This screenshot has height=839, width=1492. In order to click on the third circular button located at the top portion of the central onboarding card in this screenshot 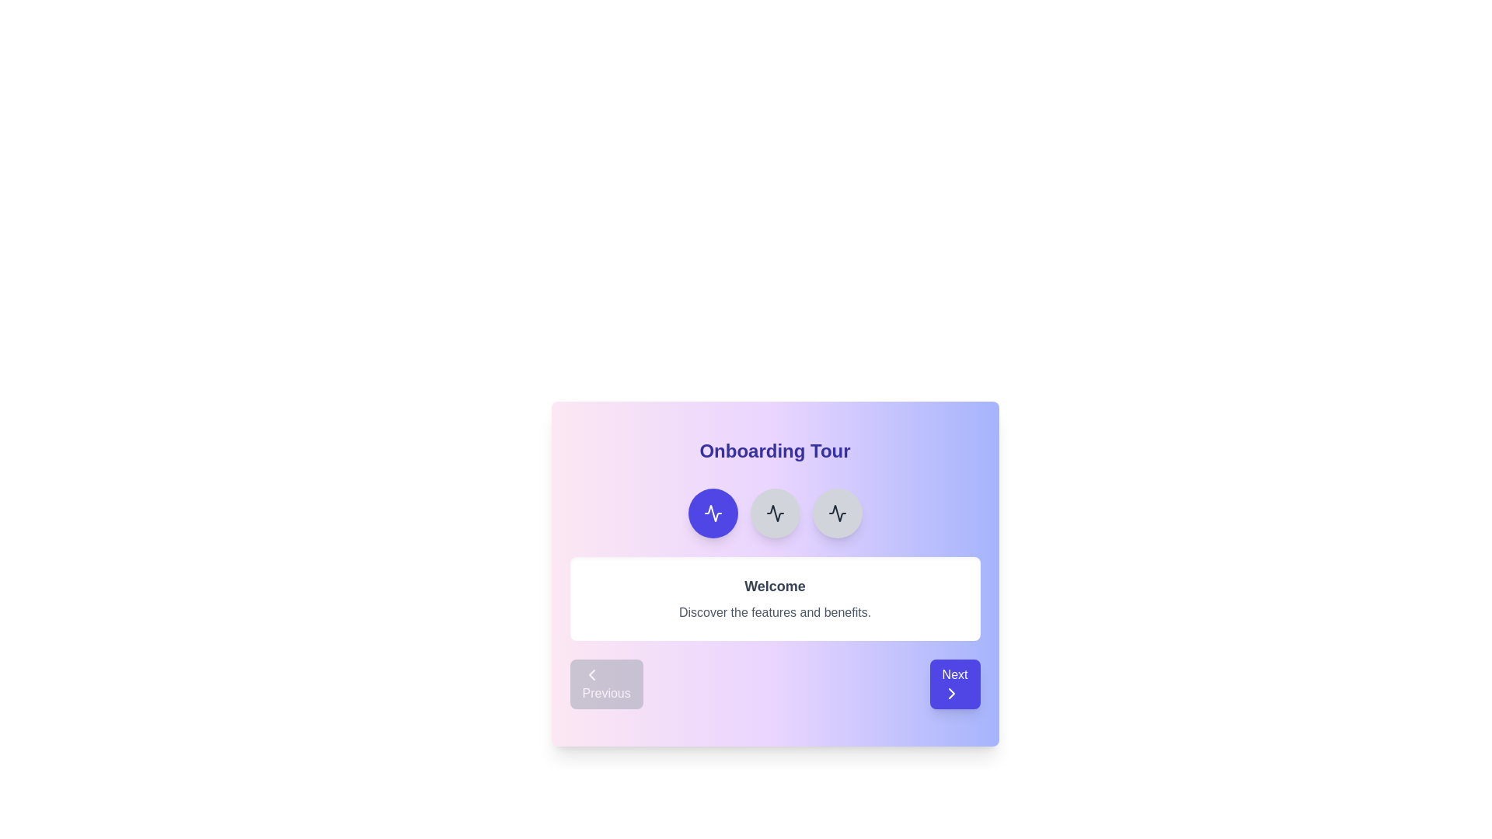, I will do `click(775, 513)`.